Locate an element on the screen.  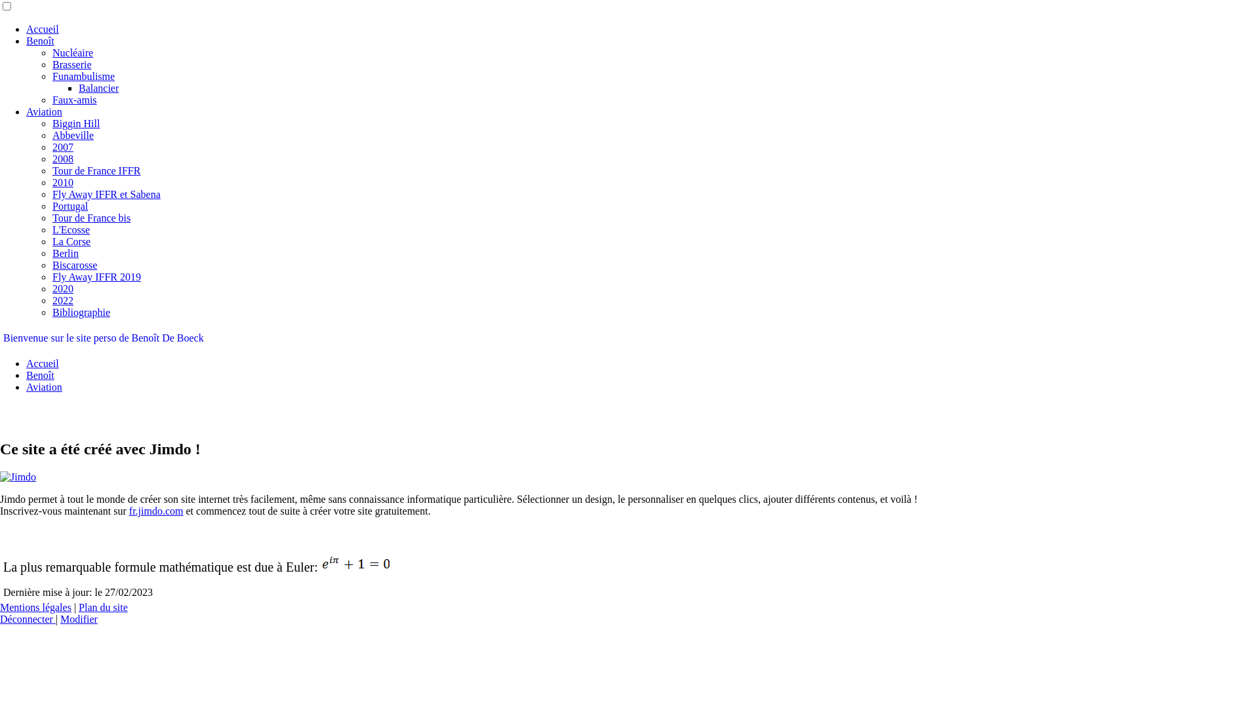
'Bibliographie' is located at coordinates (81, 312).